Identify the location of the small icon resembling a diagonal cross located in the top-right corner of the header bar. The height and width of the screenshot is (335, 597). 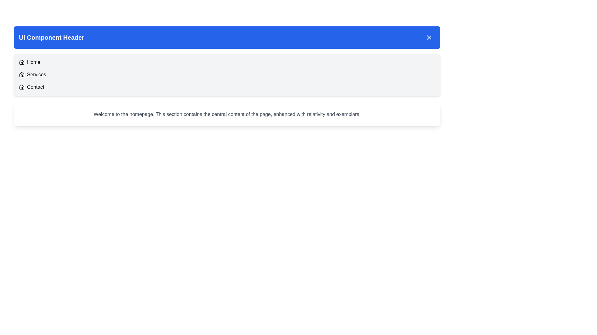
(429, 37).